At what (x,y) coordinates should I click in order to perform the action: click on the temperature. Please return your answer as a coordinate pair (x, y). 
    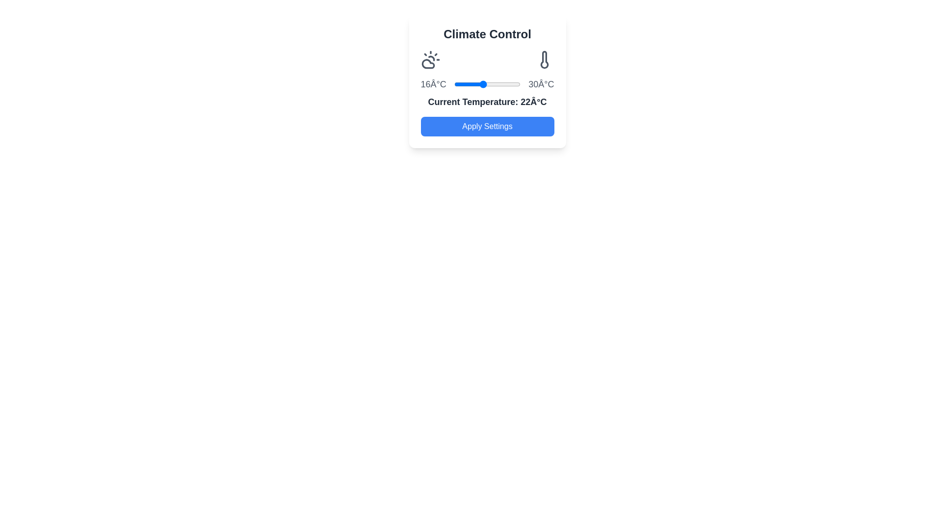
    Looking at the image, I should click on (501, 84).